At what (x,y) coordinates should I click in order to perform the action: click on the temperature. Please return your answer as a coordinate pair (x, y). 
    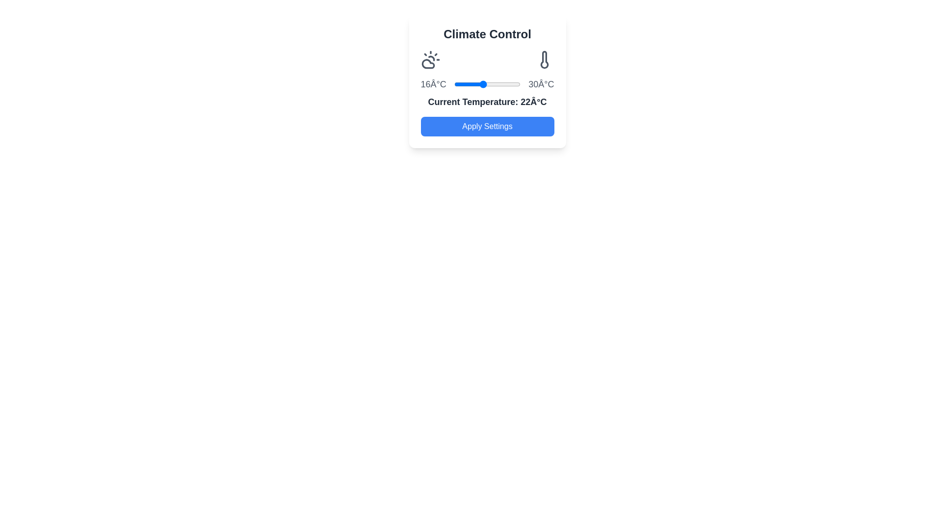
    Looking at the image, I should click on (501, 84).